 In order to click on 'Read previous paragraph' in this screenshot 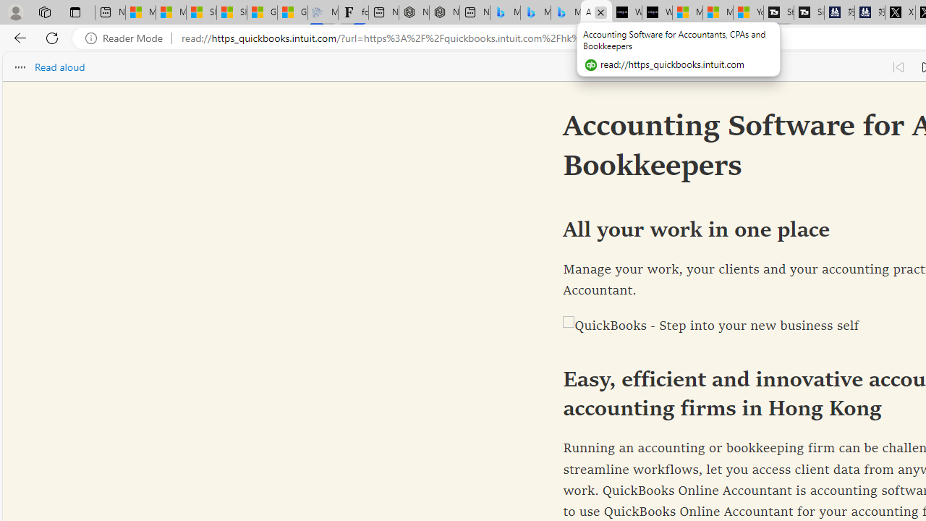, I will do `click(898, 67)`.